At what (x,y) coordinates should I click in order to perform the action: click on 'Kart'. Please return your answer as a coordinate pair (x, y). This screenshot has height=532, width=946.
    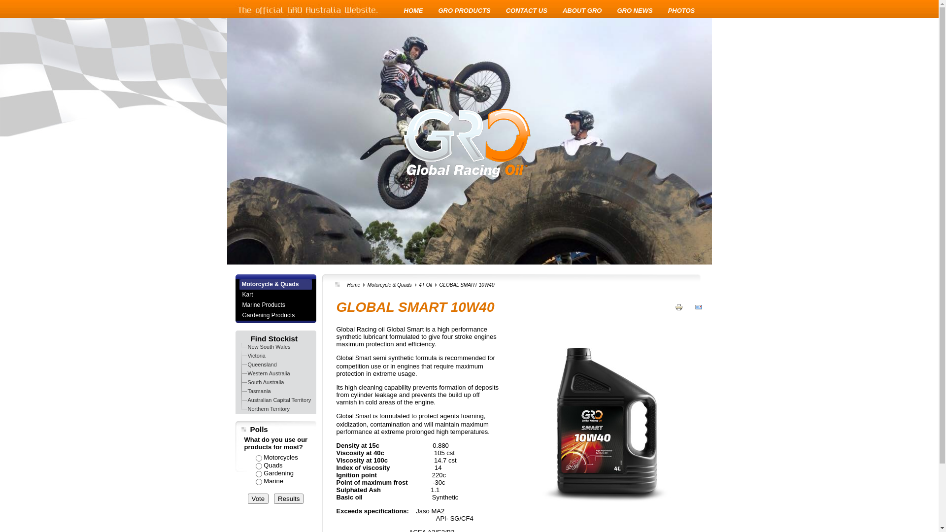
    Looking at the image, I should click on (275, 294).